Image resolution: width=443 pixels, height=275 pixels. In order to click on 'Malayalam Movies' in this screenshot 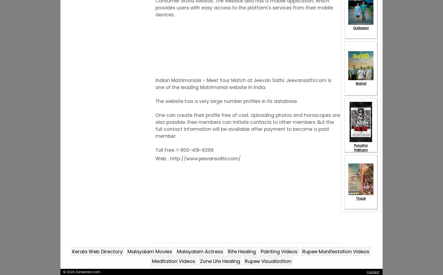, I will do `click(150, 251)`.